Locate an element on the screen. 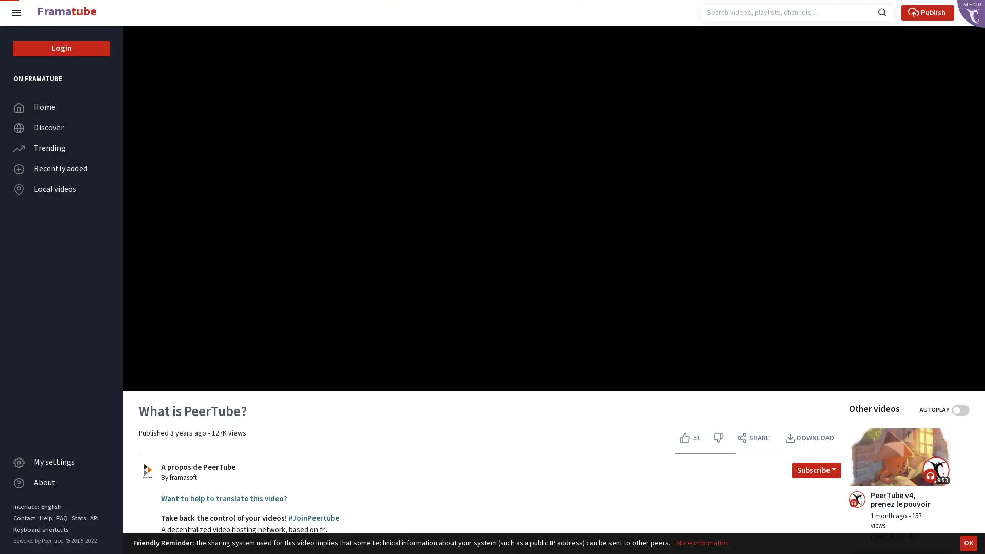 Image resolution: width=985 pixels, height=554 pixels. Interface: English is located at coordinates (37, 506).